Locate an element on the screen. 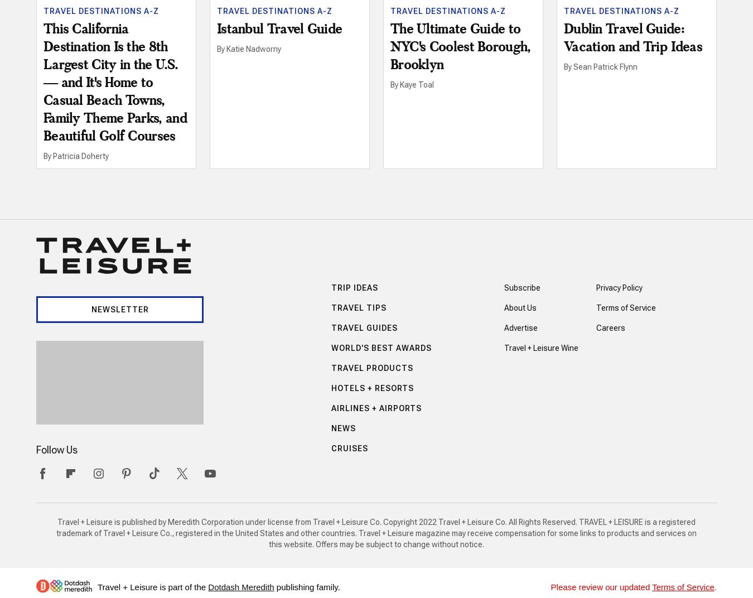 This screenshot has height=598, width=753. 'Follow Us' is located at coordinates (56, 448).